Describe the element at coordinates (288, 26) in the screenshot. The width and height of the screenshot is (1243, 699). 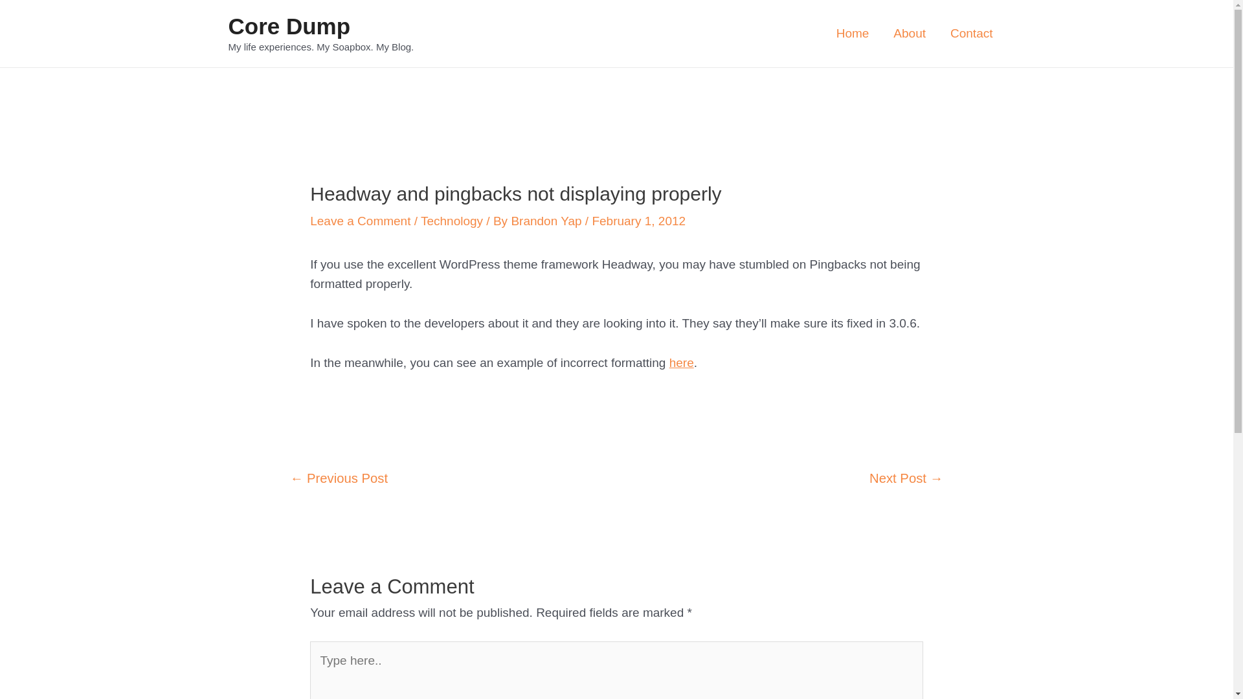
I see `'Core Dump'` at that location.